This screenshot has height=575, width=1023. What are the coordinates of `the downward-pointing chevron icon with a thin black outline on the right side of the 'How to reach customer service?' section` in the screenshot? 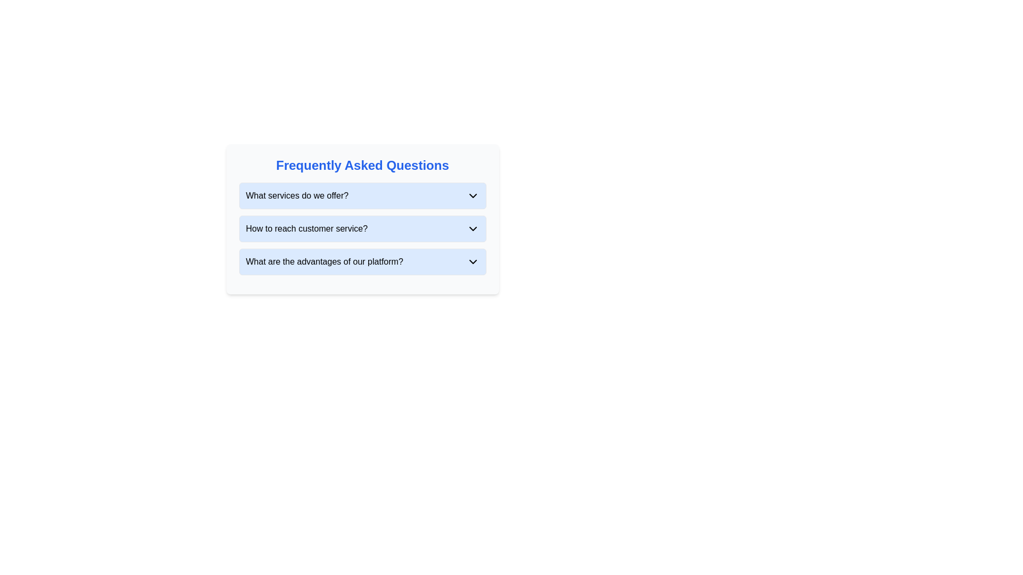 It's located at (472, 228).